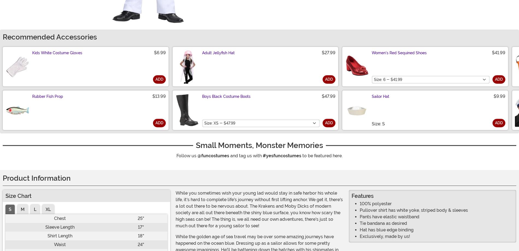  Describe the element at coordinates (86, 31) in the screenshot. I see `'We believe that costumes have the power to create some of life's best moments. That's why we started Made by Us. This diverse selection of costumes and accessories are all artfully designed and expertly crafted by our talented team of artists, designers, and developers.'` at that location.